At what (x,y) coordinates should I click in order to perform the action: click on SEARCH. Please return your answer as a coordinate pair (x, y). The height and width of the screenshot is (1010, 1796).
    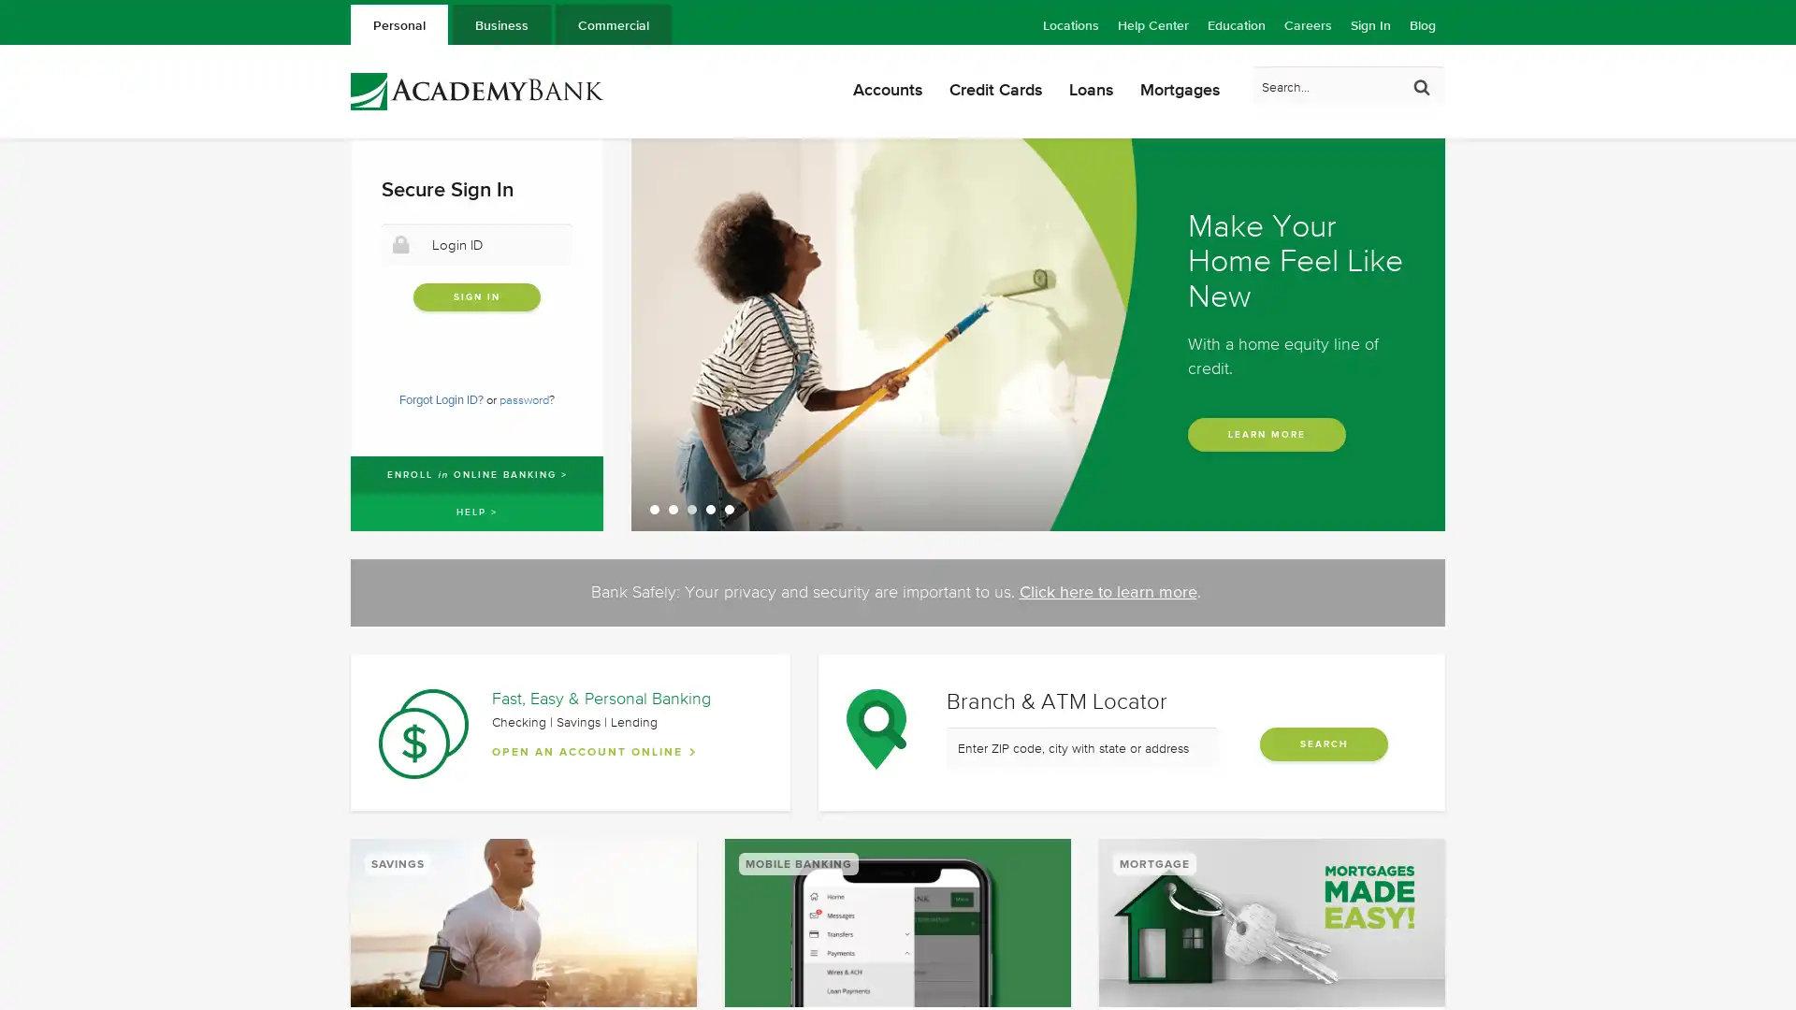
    Looking at the image, I should click on (1323, 743).